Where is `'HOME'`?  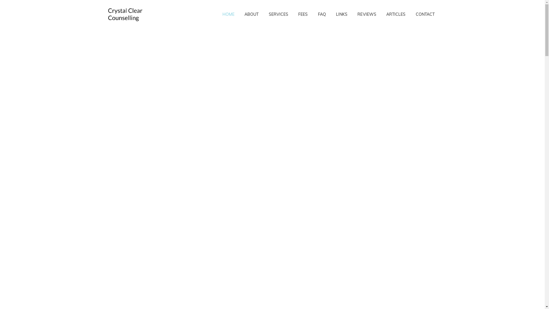 'HOME' is located at coordinates (228, 14).